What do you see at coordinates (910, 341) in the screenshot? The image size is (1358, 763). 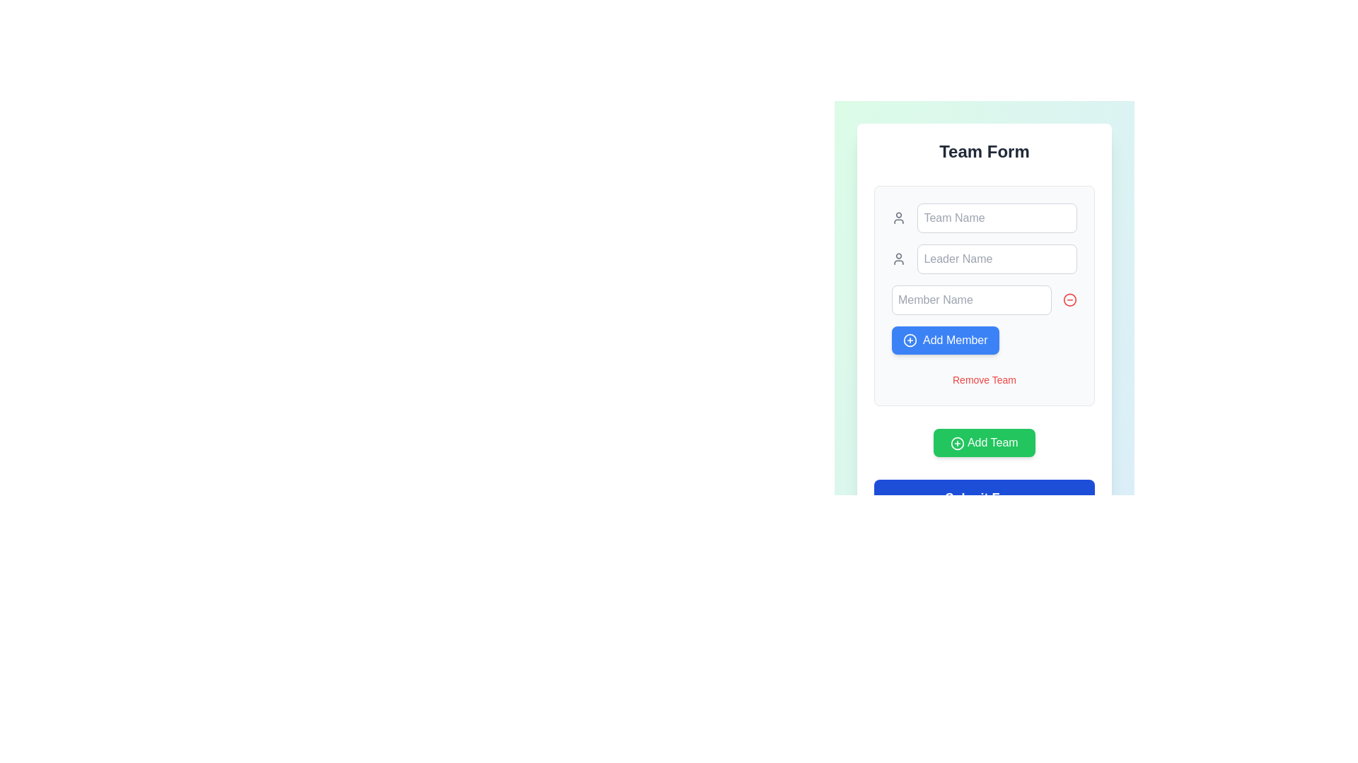 I see `the circular 'Add' icon that is part of the graphical representation for adding members adjacent to the 'Add Member' button` at bounding box center [910, 341].